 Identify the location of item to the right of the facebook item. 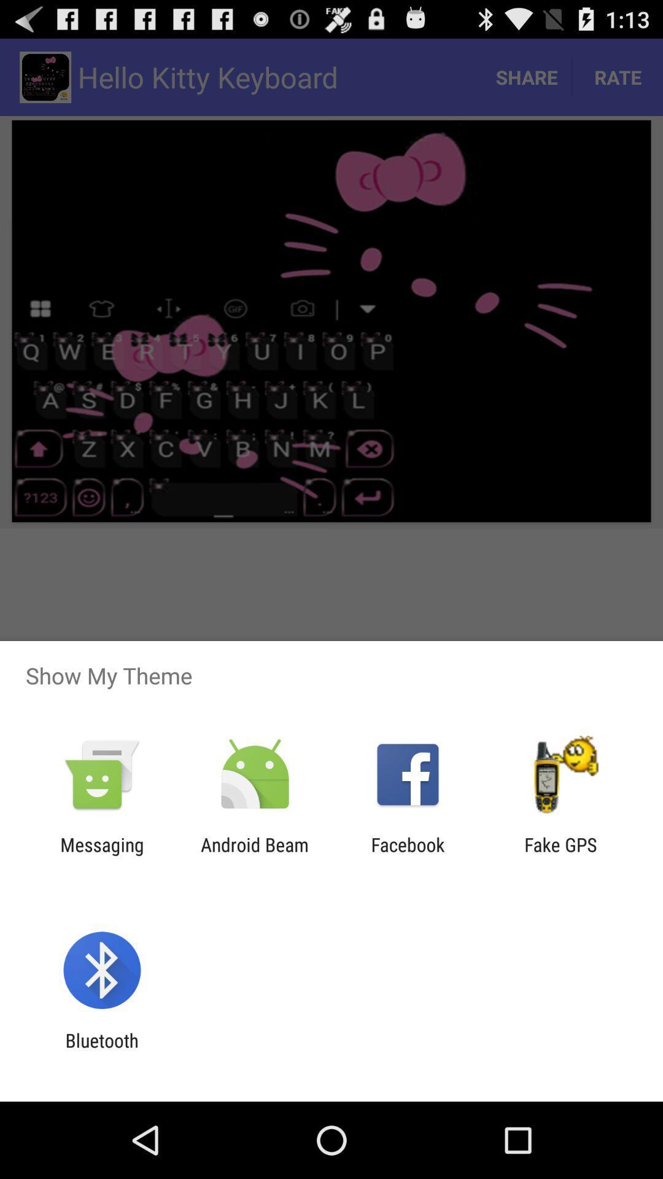
(560, 855).